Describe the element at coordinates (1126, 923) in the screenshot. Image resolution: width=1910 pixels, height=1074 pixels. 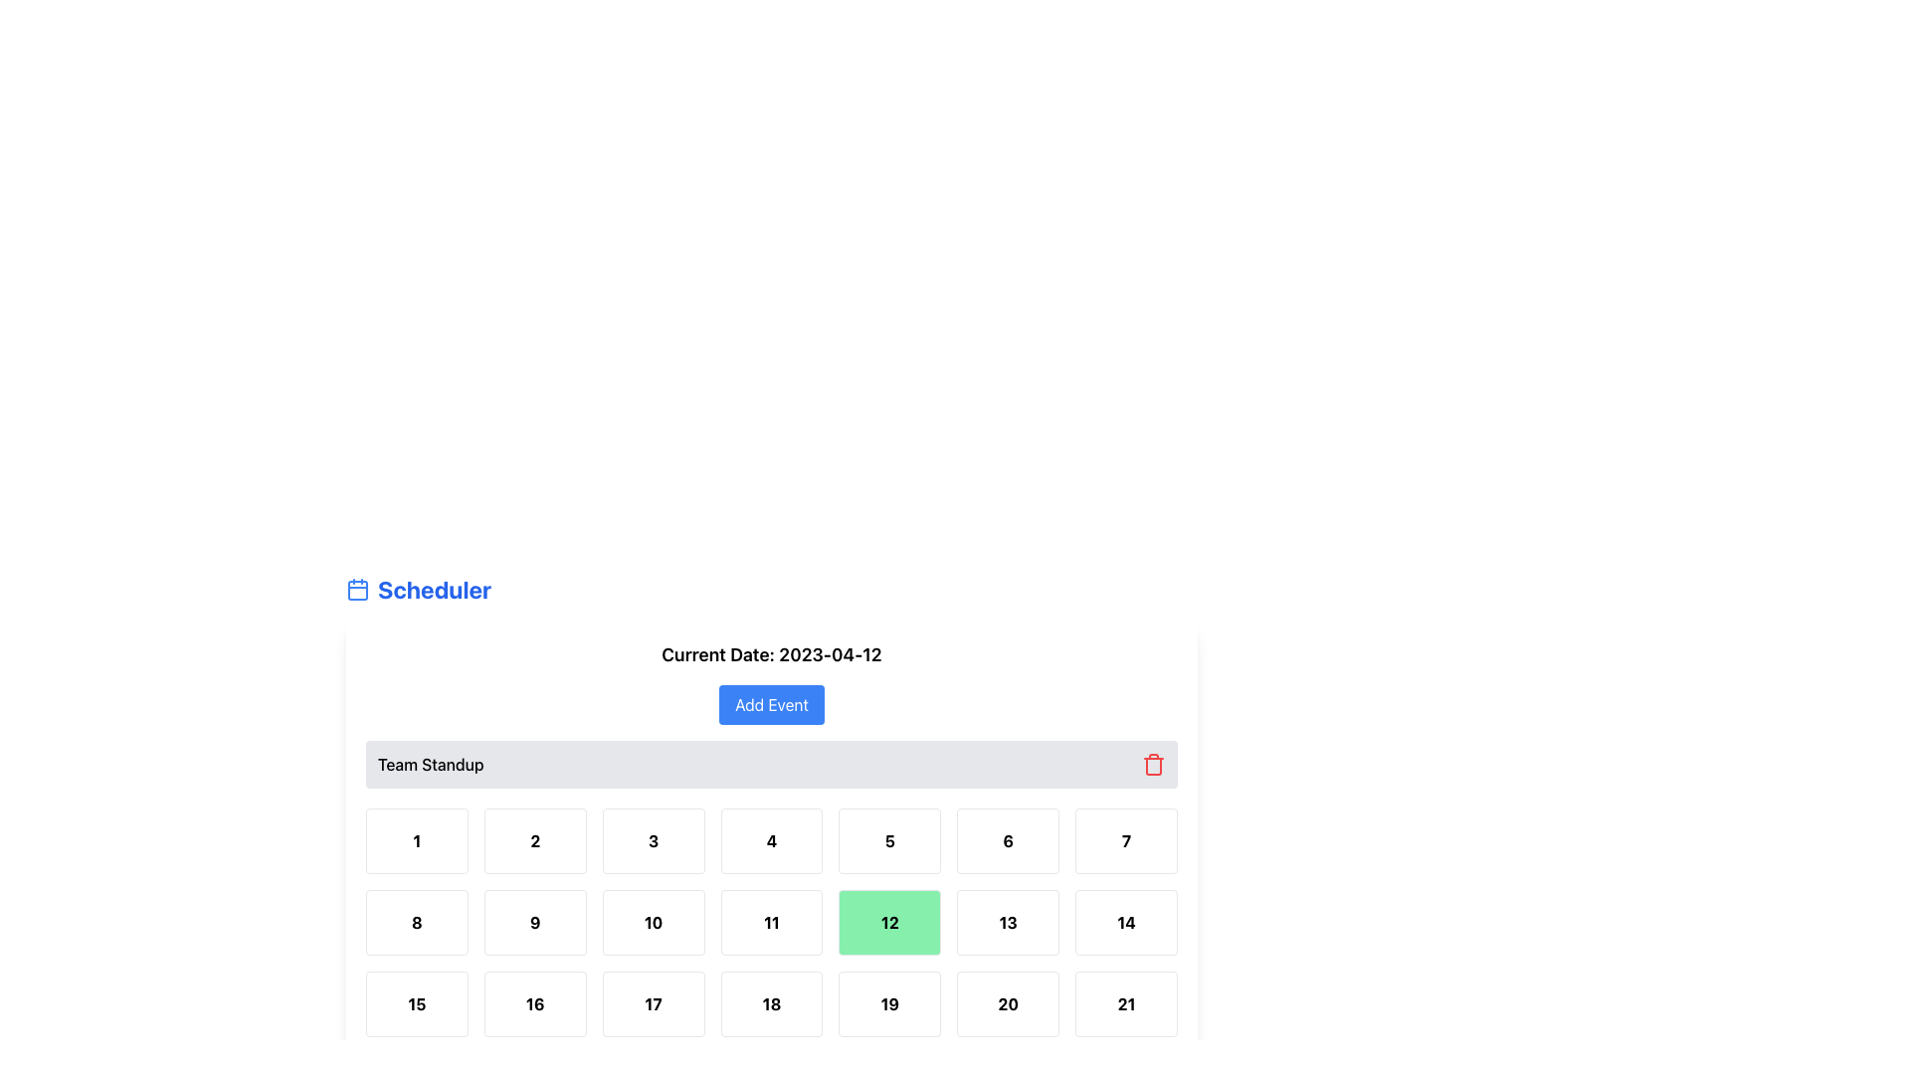
I see `the Day cell representing the 14th day in the calendar grid, located in the second row and seventh column` at that location.